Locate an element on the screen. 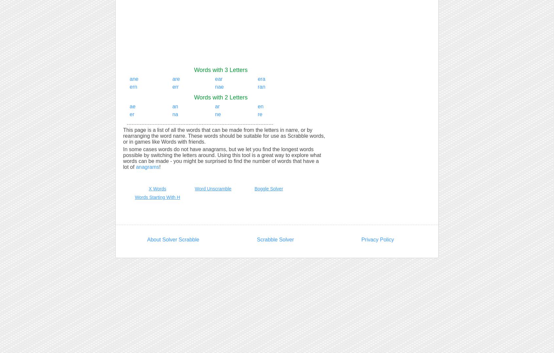 Image resolution: width=554 pixels, height=353 pixels. 'ae' is located at coordinates (129, 106).